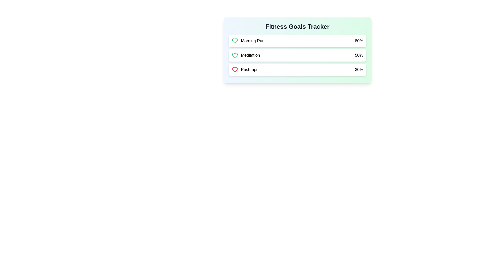 This screenshot has width=493, height=277. Describe the element at coordinates (297, 55) in the screenshot. I see `the 'Meditation' list item to display its metadata, which includes the completion percentage for tracking activities` at that location.